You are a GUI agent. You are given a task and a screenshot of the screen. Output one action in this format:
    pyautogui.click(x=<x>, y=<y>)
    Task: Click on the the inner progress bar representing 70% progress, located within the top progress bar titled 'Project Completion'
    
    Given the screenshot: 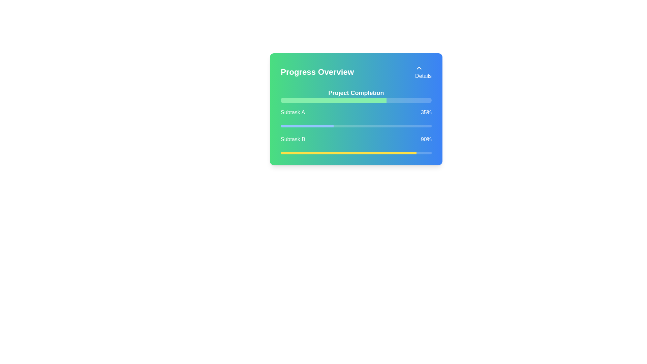 What is the action you would take?
    pyautogui.click(x=333, y=100)
    